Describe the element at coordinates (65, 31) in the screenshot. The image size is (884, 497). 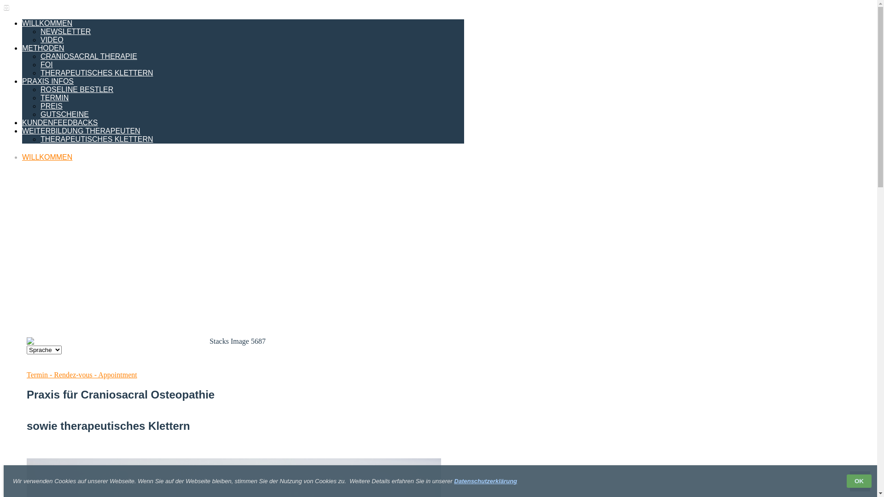
I see `'NEWSLETTER'` at that location.